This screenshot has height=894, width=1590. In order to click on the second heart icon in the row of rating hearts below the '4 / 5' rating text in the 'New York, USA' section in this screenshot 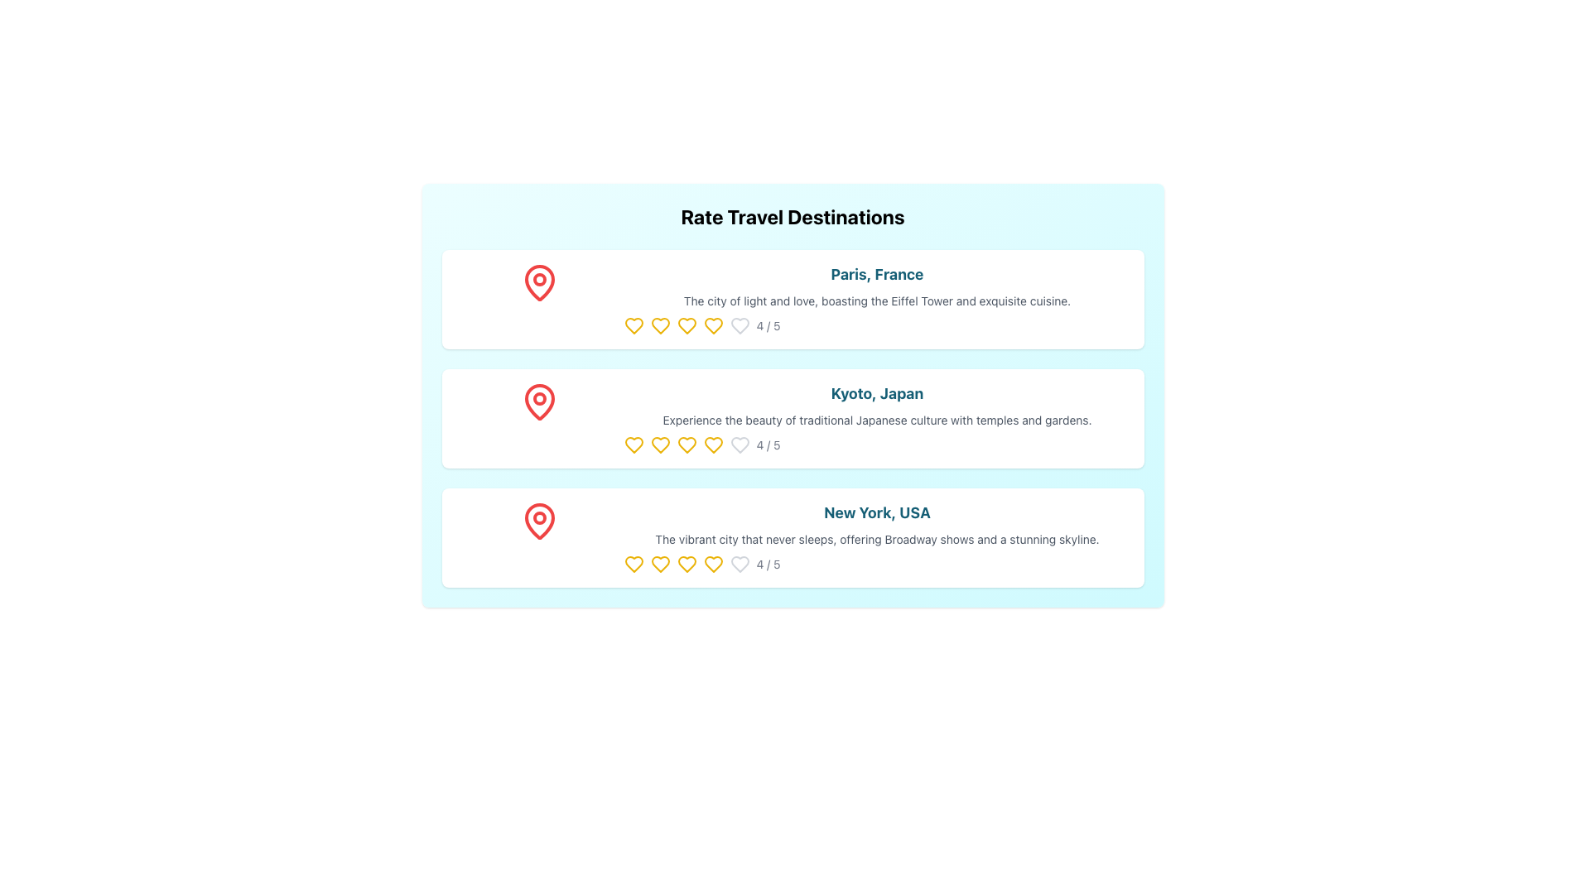, I will do `click(659, 564)`.